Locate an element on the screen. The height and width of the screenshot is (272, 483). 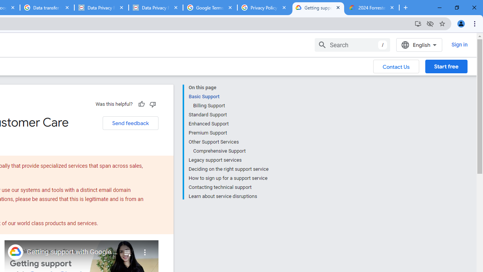
'Install Google Cloud' is located at coordinates (417, 23).